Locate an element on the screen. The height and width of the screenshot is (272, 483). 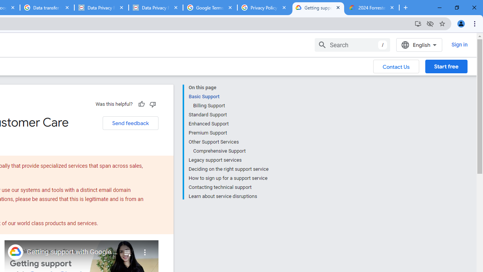
'Install Google Cloud' is located at coordinates (417, 23).